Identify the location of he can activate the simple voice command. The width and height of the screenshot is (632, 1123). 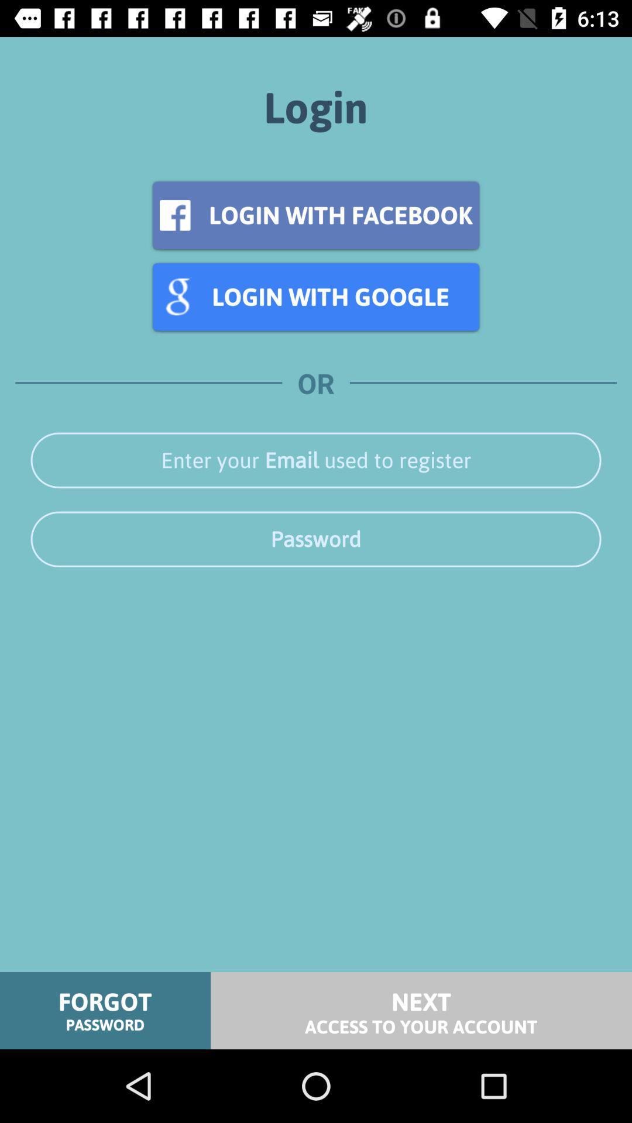
(316, 539).